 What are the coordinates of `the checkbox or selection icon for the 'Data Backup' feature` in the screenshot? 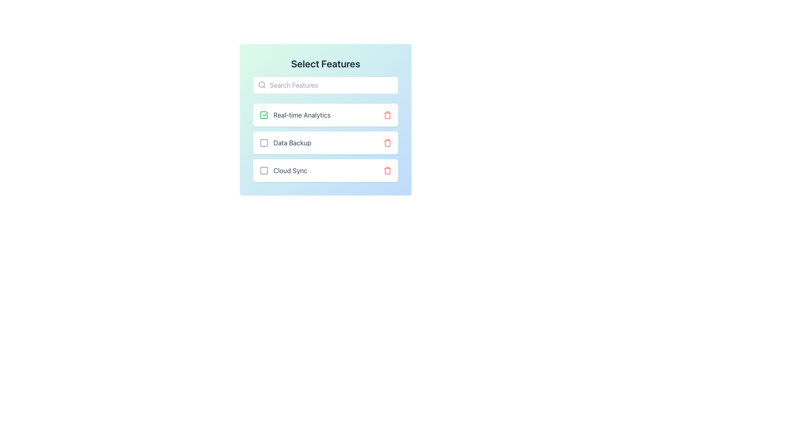 It's located at (264, 143).